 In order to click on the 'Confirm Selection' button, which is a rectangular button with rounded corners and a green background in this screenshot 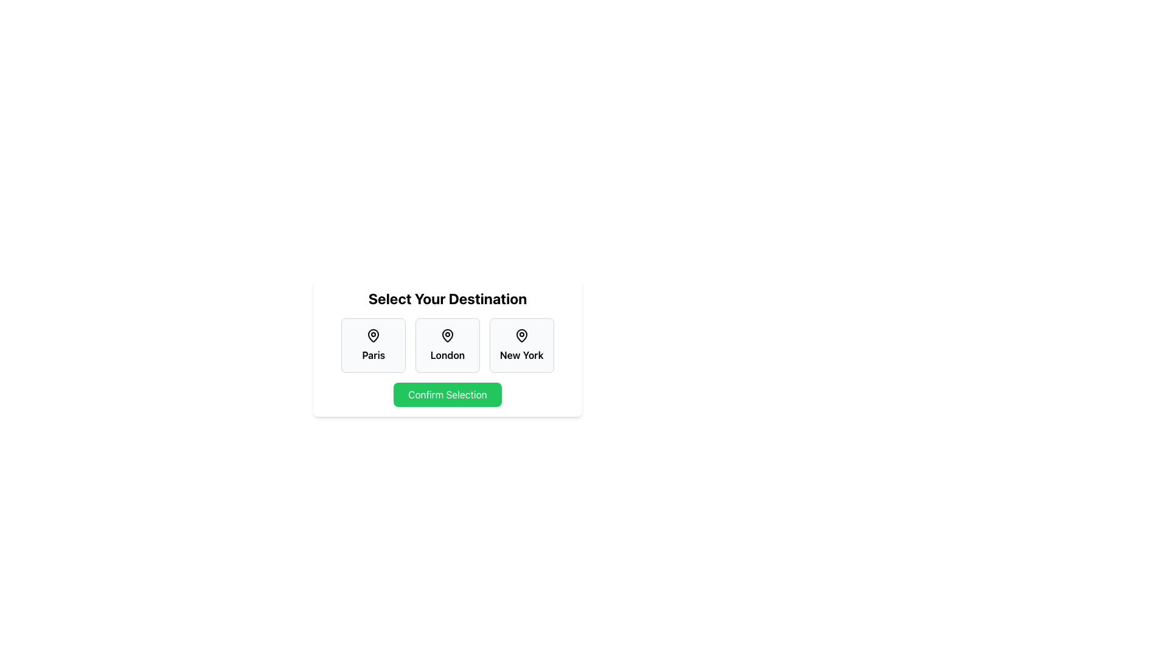, I will do `click(447, 394)`.